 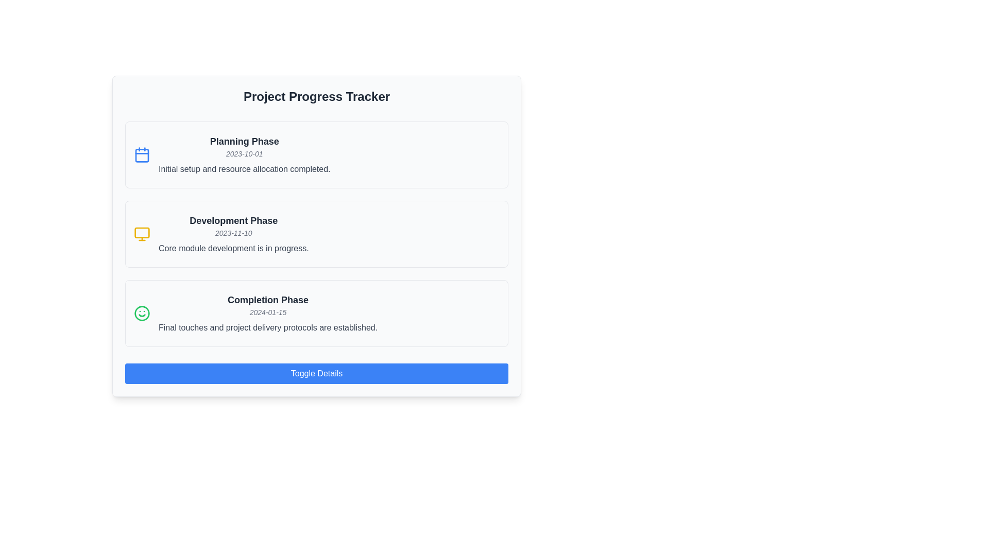 I want to click on the static text element displaying the date related to the 'Planning Phase', located below the heading and above the descriptive paragraph, so click(x=244, y=154).